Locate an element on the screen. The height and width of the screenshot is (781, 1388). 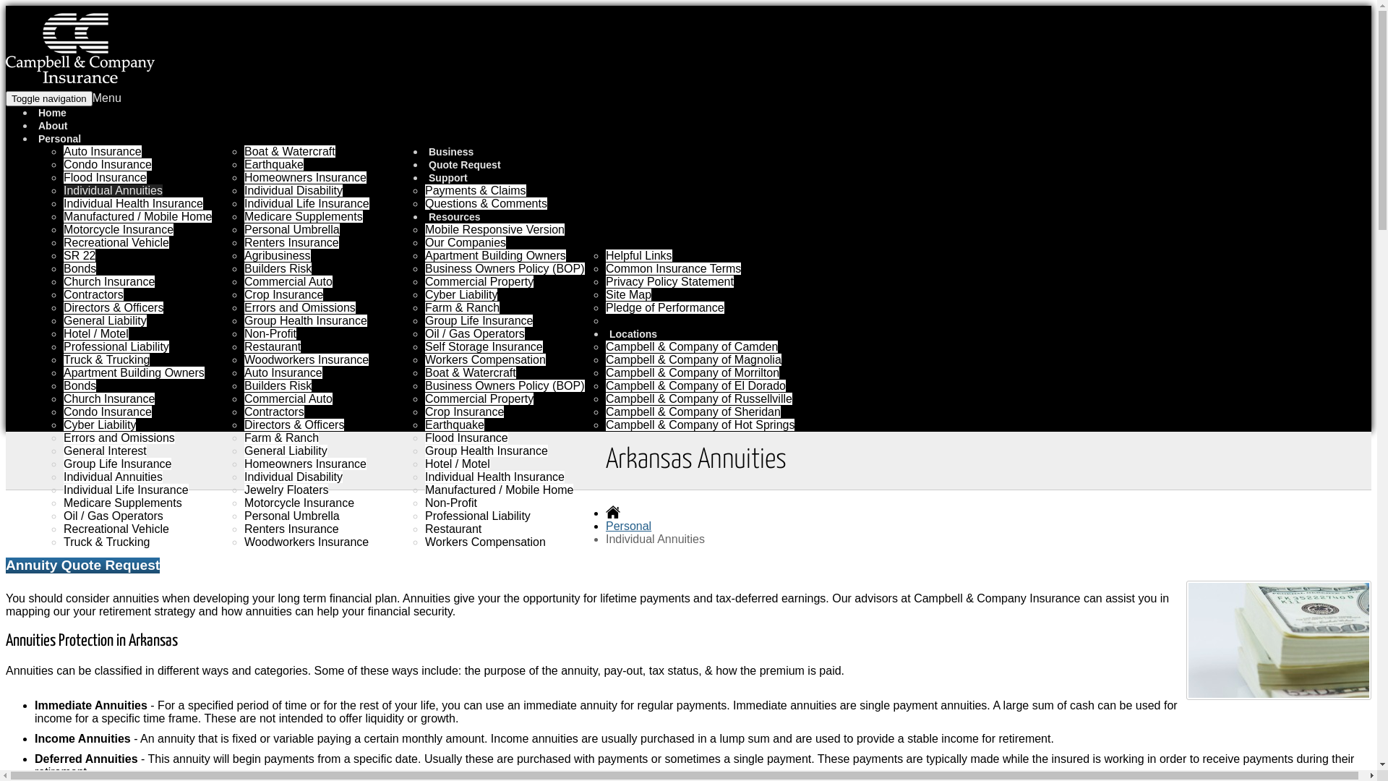
'Recreational Vehicle' is located at coordinates (116, 242).